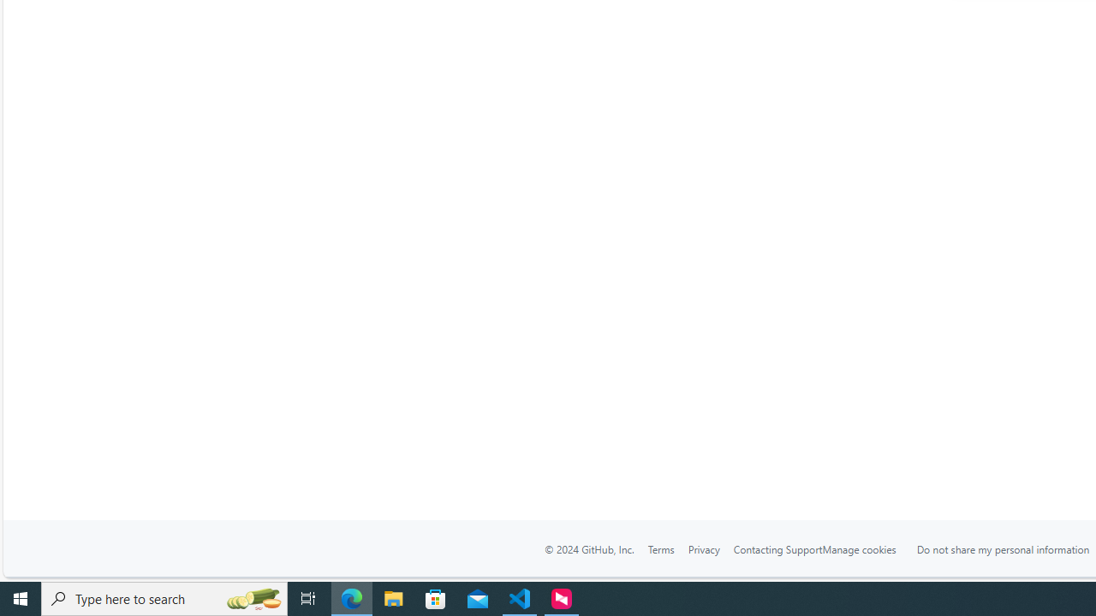 Image resolution: width=1096 pixels, height=616 pixels. What do you see at coordinates (660, 548) in the screenshot?
I see `'Terms'` at bounding box center [660, 548].